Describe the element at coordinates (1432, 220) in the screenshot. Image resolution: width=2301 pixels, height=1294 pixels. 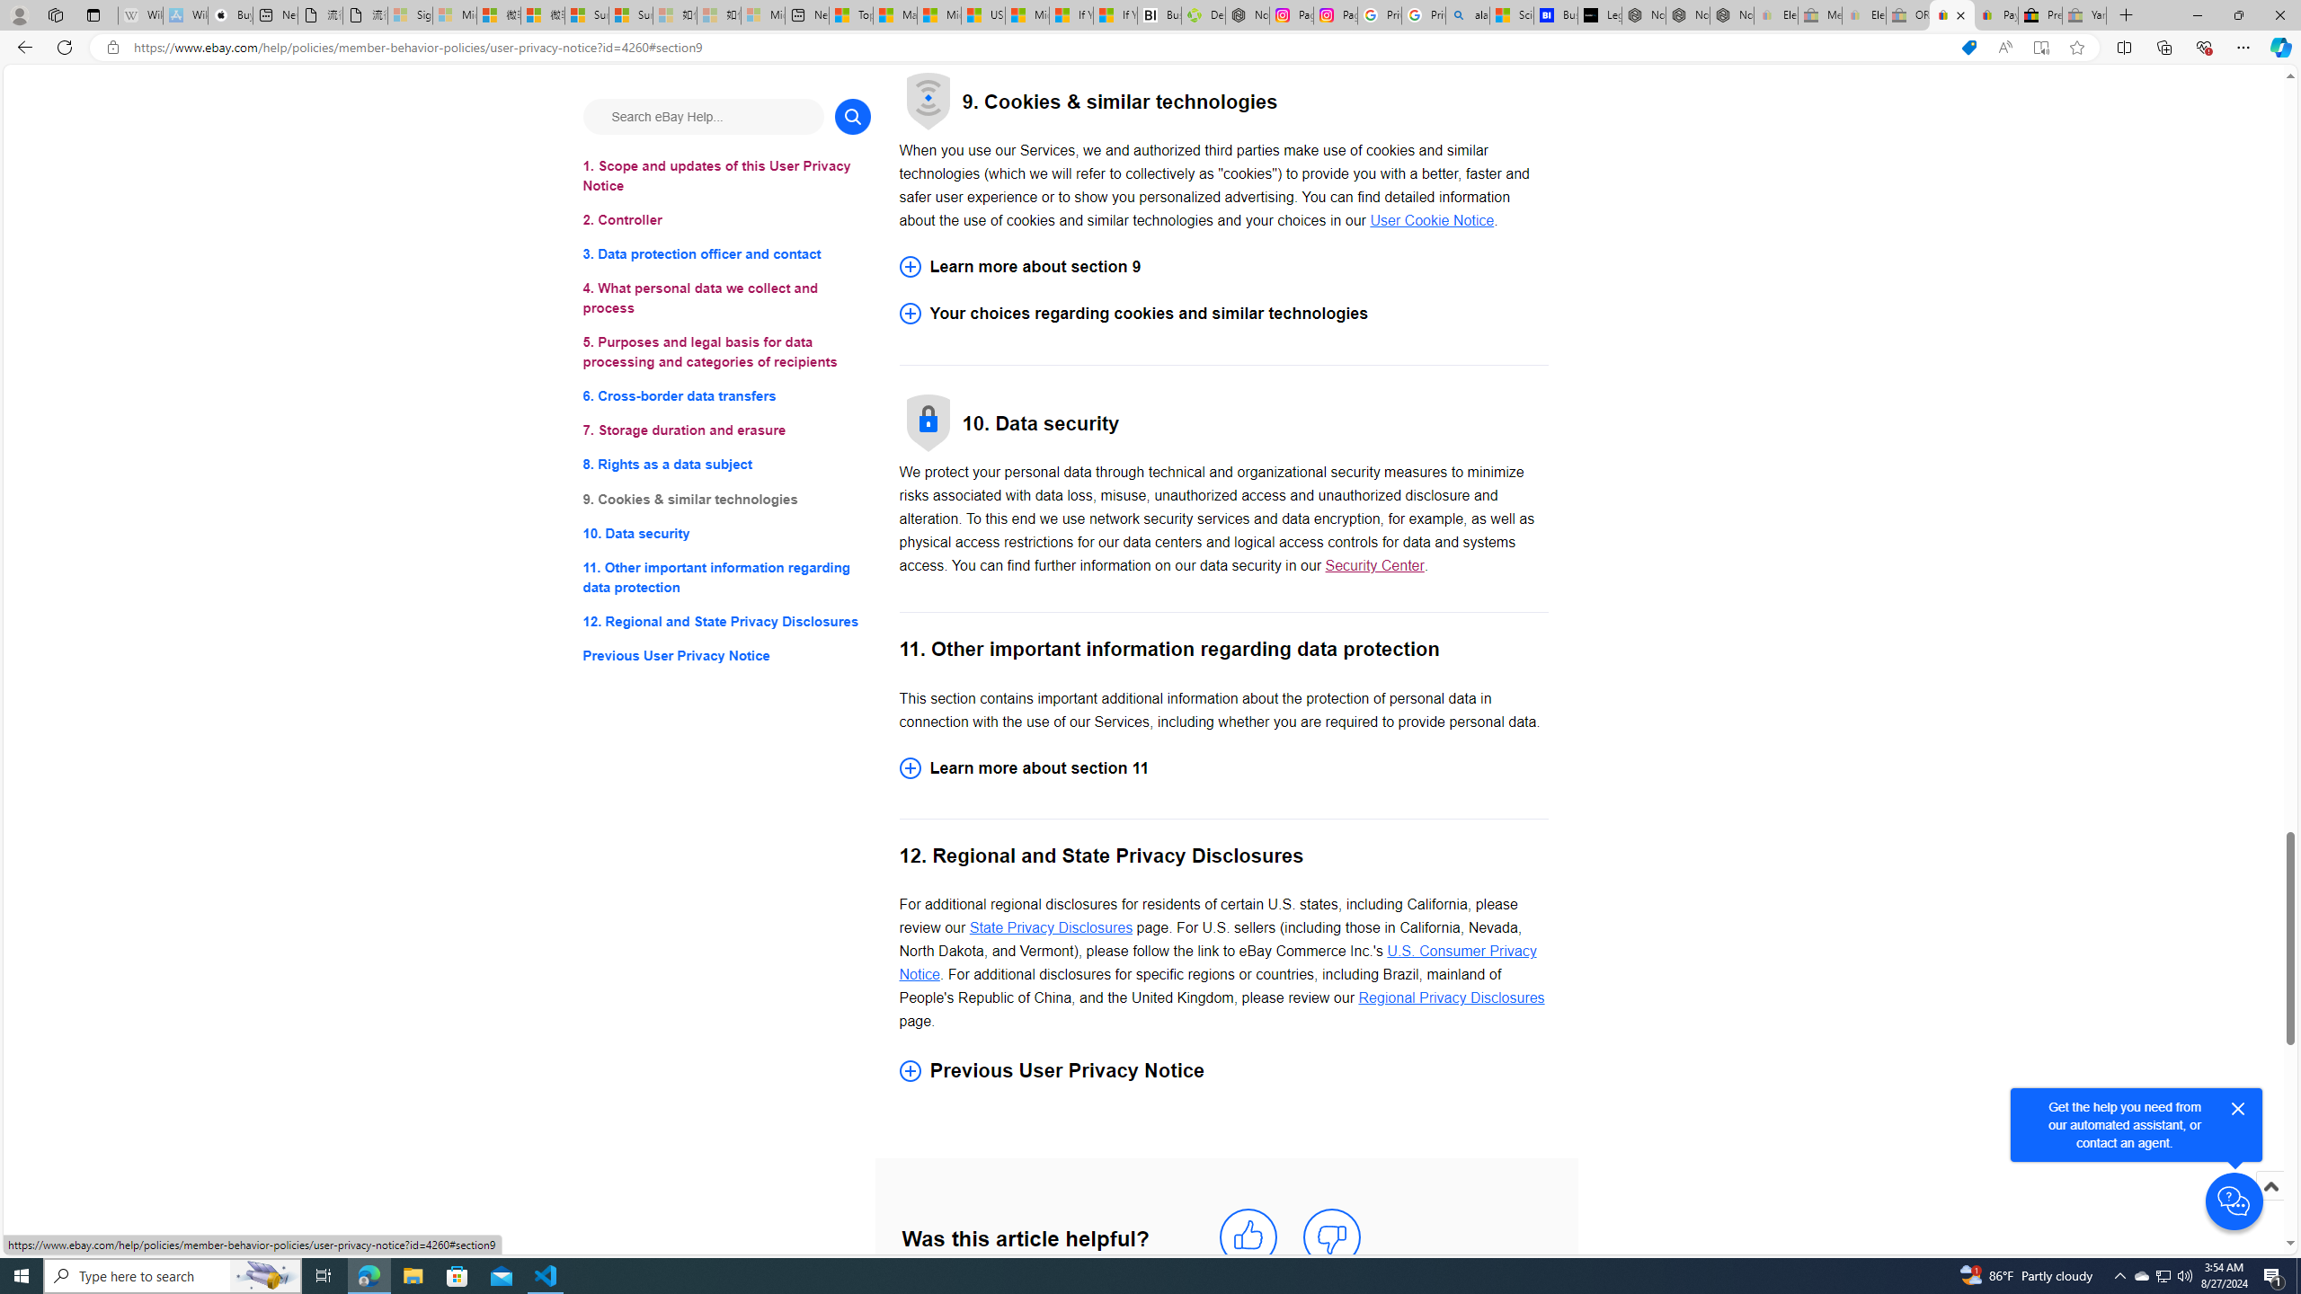
I see `'User Cookie Notice'` at that location.